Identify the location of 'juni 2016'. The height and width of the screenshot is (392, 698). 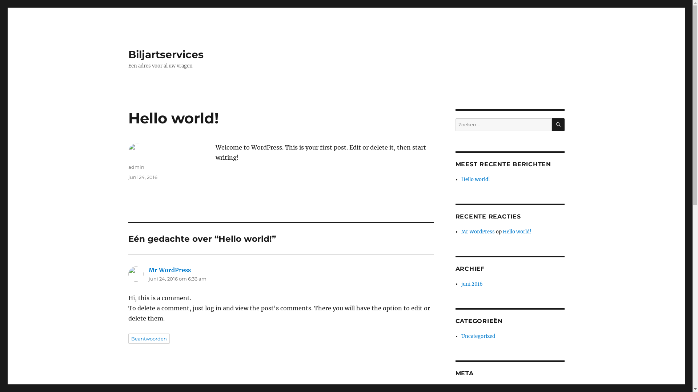
(472, 283).